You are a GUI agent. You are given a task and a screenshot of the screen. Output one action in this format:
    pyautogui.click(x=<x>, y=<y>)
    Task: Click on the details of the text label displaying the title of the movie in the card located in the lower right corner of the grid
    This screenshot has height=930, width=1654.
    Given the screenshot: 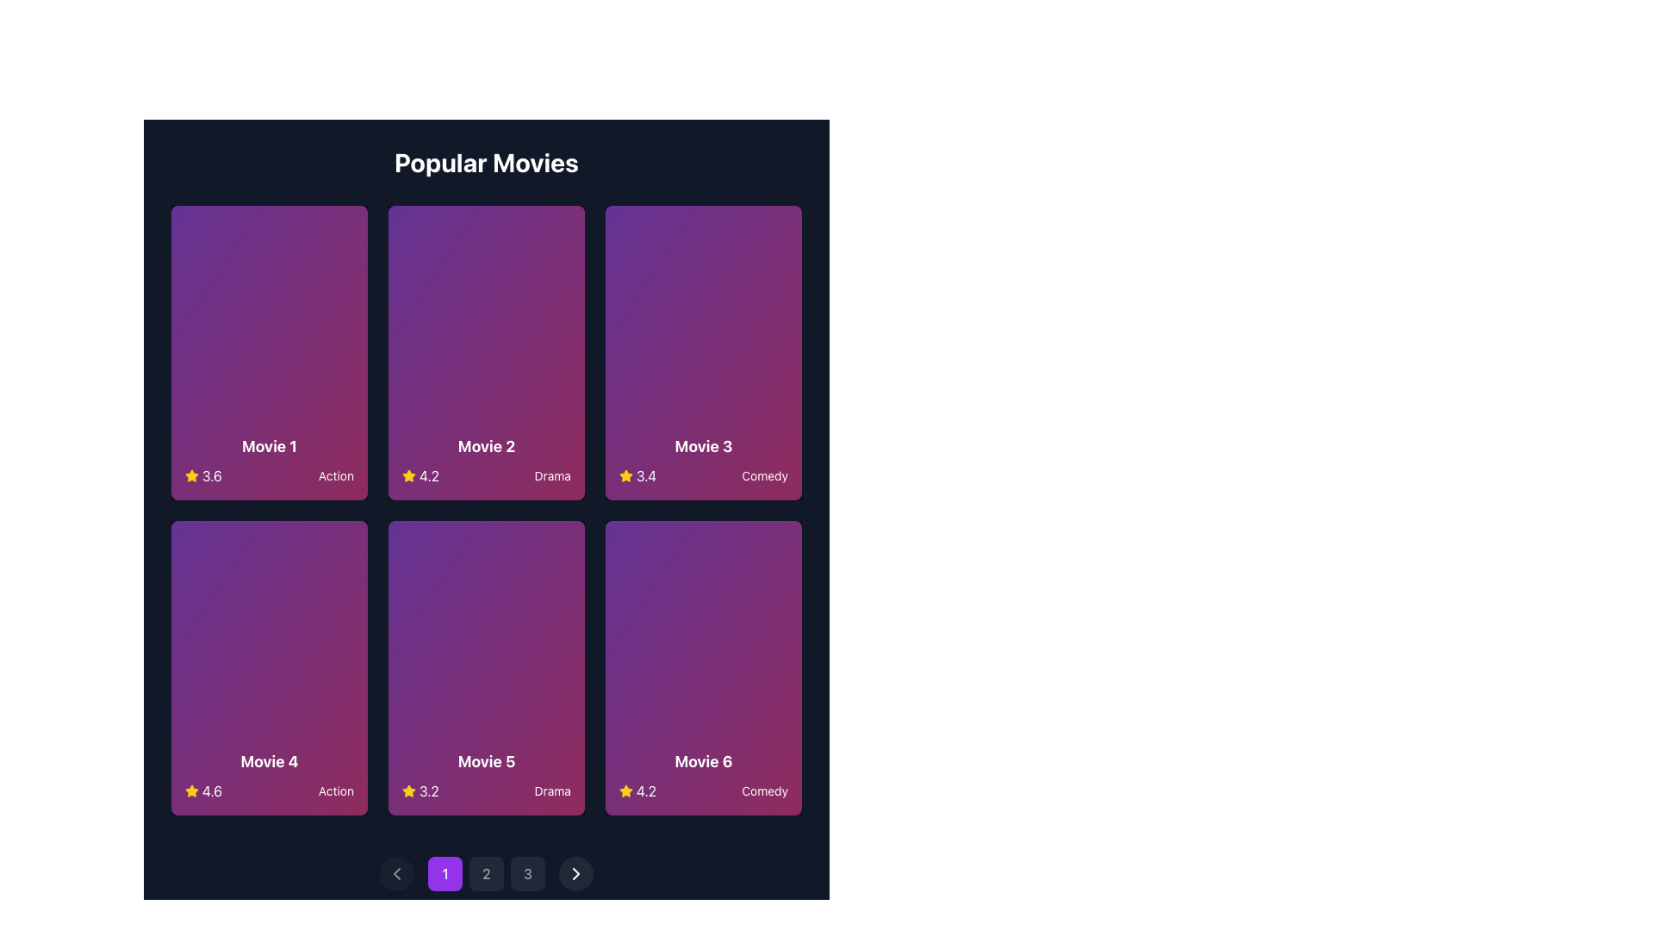 What is the action you would take?
    pyautogui.click(x=703, y=760)
    